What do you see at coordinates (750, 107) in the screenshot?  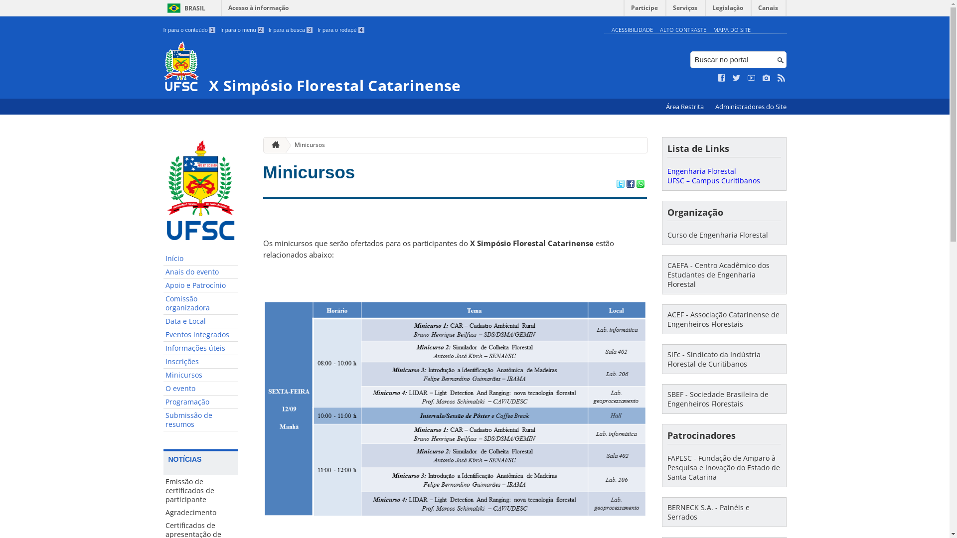 I see `'Administradores do Site'` at bounding box center [750, 107].